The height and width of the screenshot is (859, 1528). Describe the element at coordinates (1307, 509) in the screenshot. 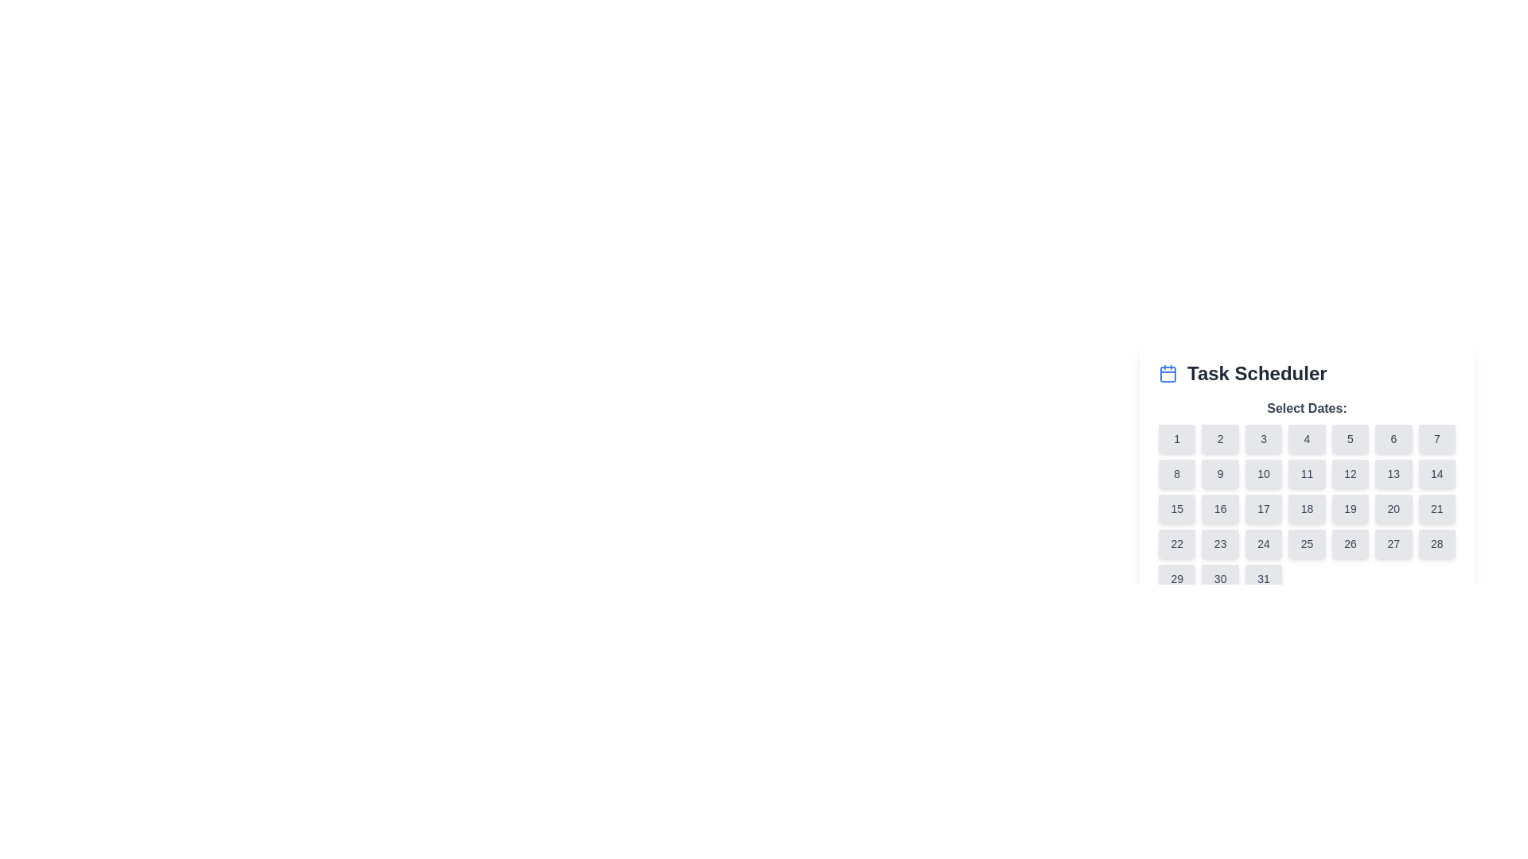

I see `the button displaying the number '18' in the Task Scheduler calendar interface` at that location.